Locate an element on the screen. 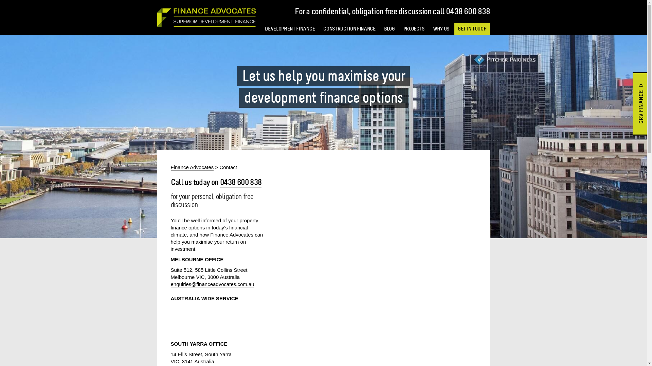 This screenshot has height=366, width=652. 'BLOG' is located at coordinates (390, 28).